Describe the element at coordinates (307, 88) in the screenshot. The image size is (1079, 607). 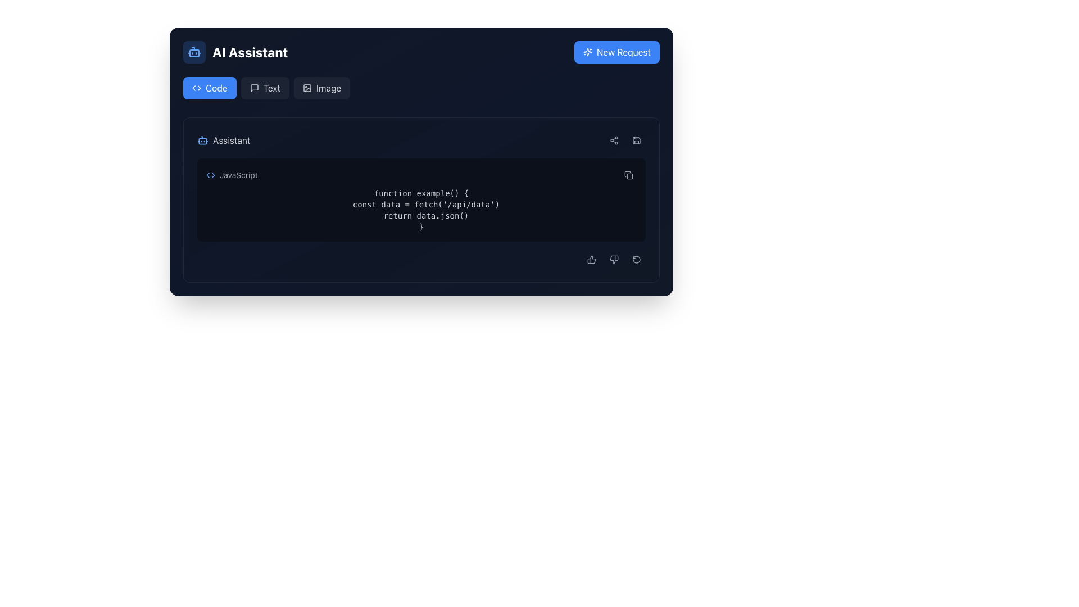
I see `the decorative icon representing an image, which is part of the button labeled 'Image', located in the middle-right part of the interface` at that location.